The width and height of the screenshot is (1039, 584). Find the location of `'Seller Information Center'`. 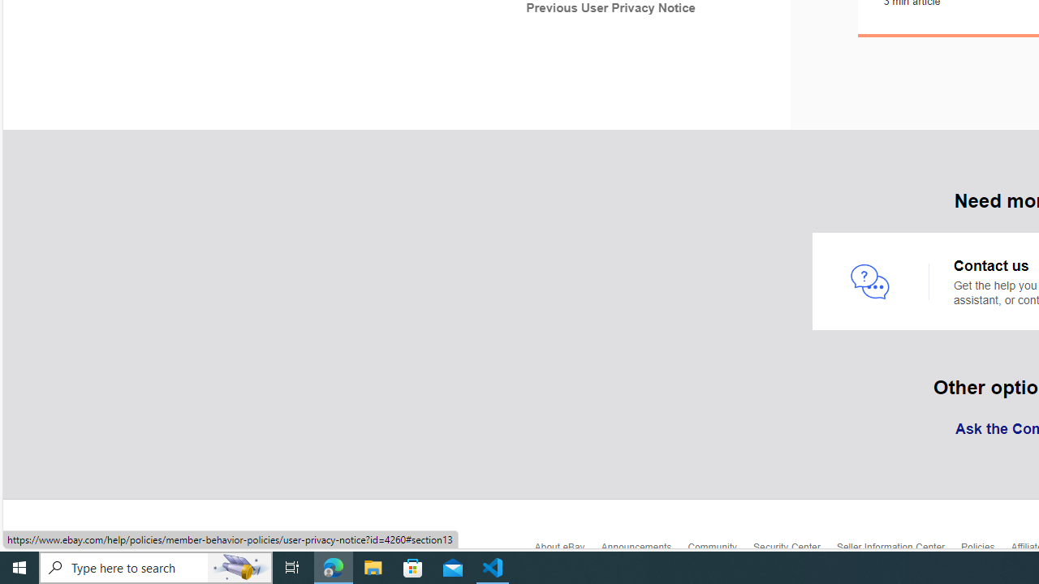

'Seller Information Center' is located at coordinates (898, 550).